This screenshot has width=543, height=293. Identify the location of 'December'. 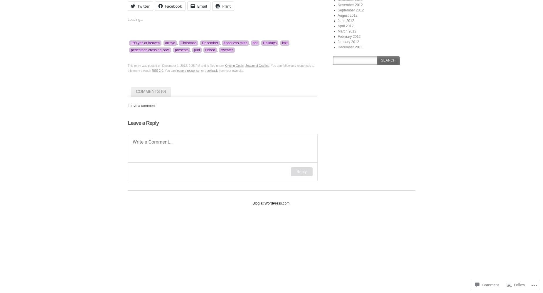
(210, 43).